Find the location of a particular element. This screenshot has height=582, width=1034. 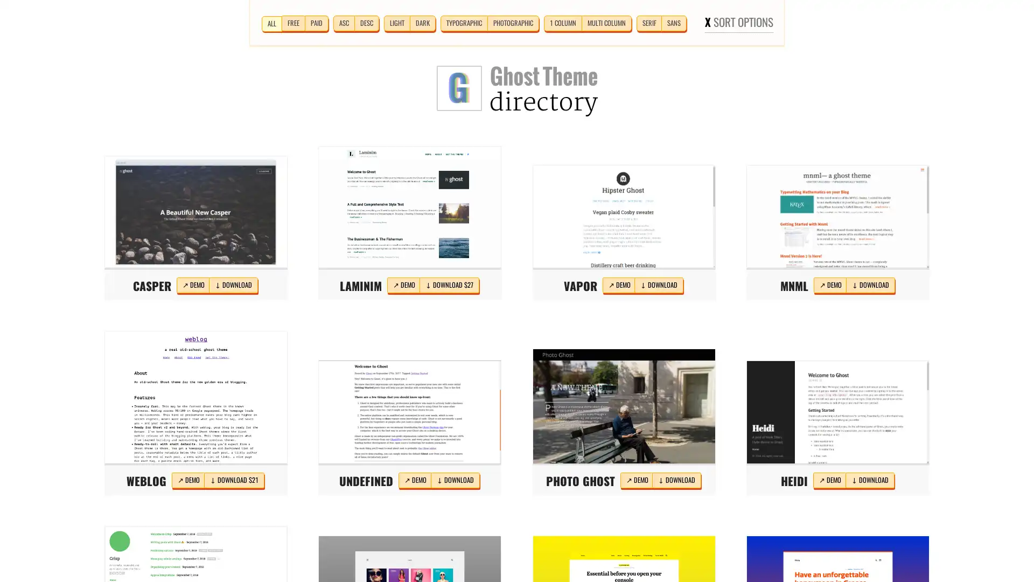

MULTI COLUMN is located at coordinates (606, 23).